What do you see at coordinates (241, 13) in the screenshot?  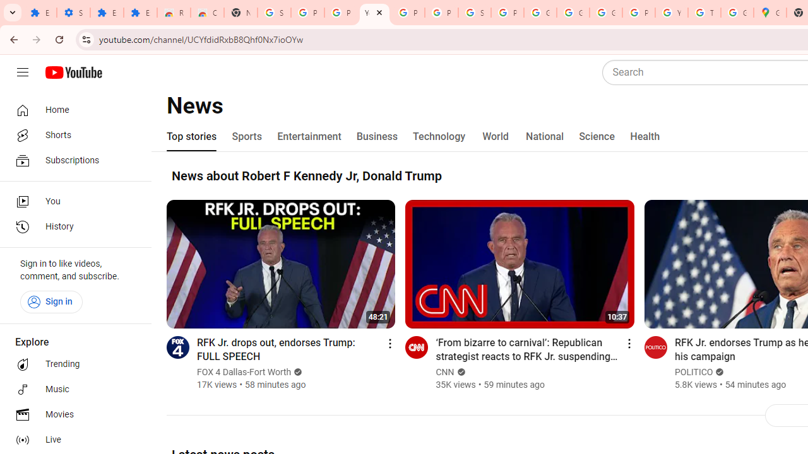 I see `'New Tab'` at bounding box center [241, 13].